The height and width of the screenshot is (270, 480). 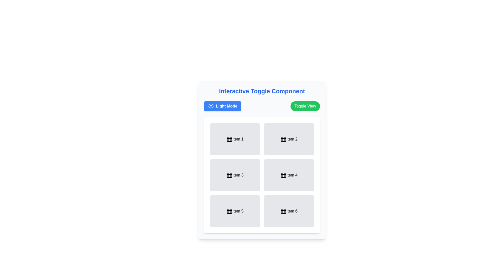 What do you see at coordinates (229, 211) in the screenshot?
I see `the grid icon labeled 'Item 5' located in the lower-left area of the grid layout` at bounding box center [229, 211].